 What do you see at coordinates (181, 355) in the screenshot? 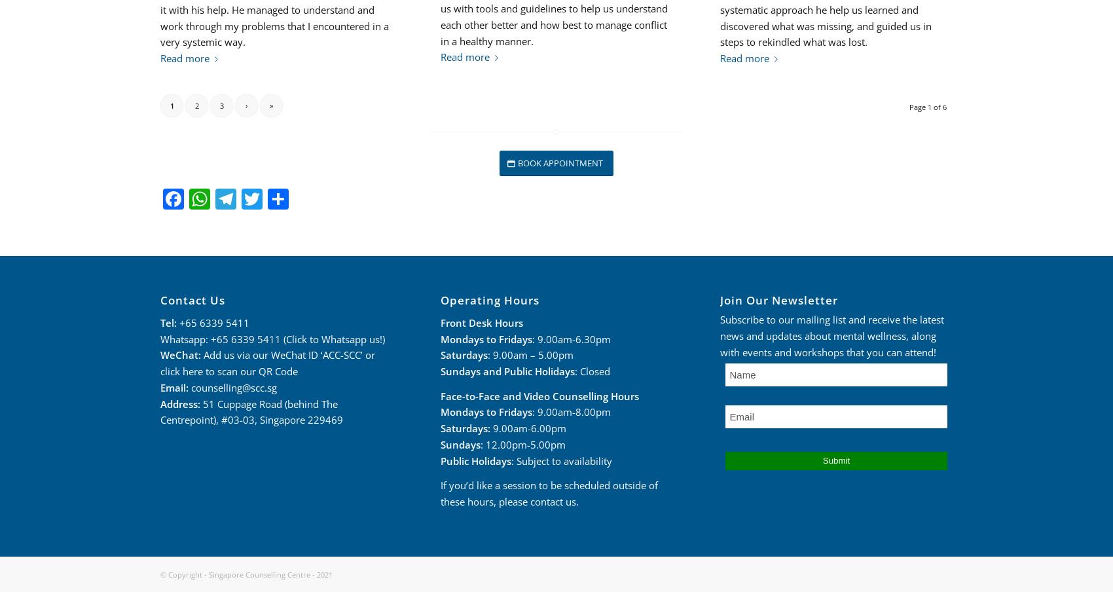
I see `'WeChat:'` at bounding box center [181, 355].